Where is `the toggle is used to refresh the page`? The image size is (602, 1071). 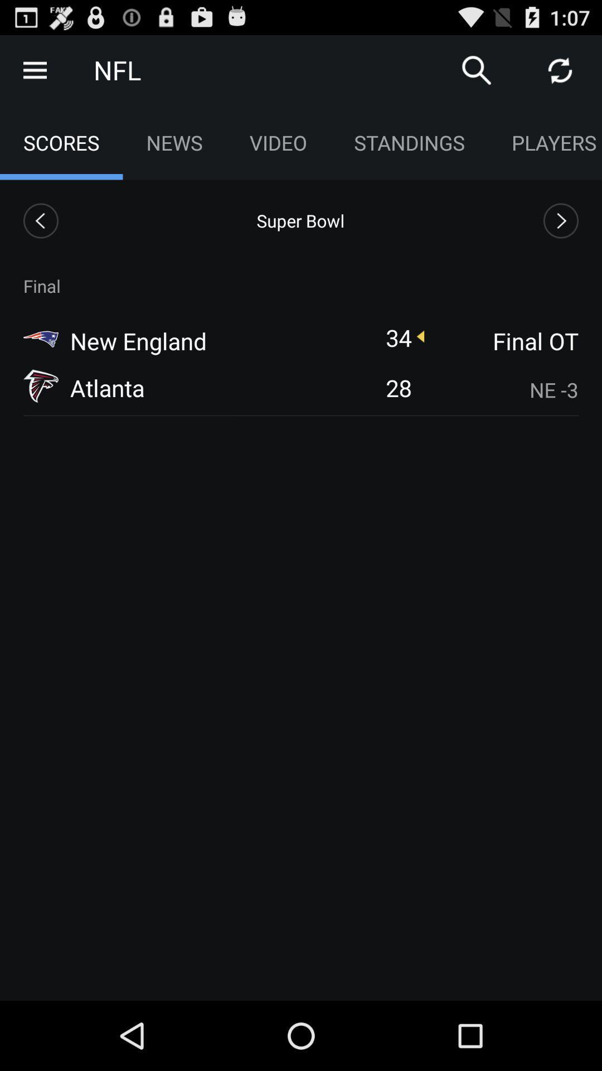
the toggle is used to refresh the page is located at coordinates (560, 69).